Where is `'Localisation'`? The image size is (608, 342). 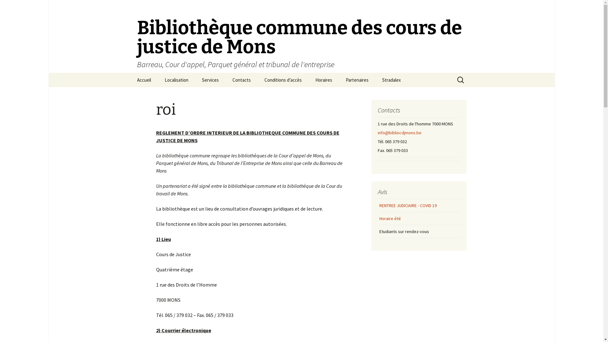
'Localisation' is located at coordinates (176, 79).